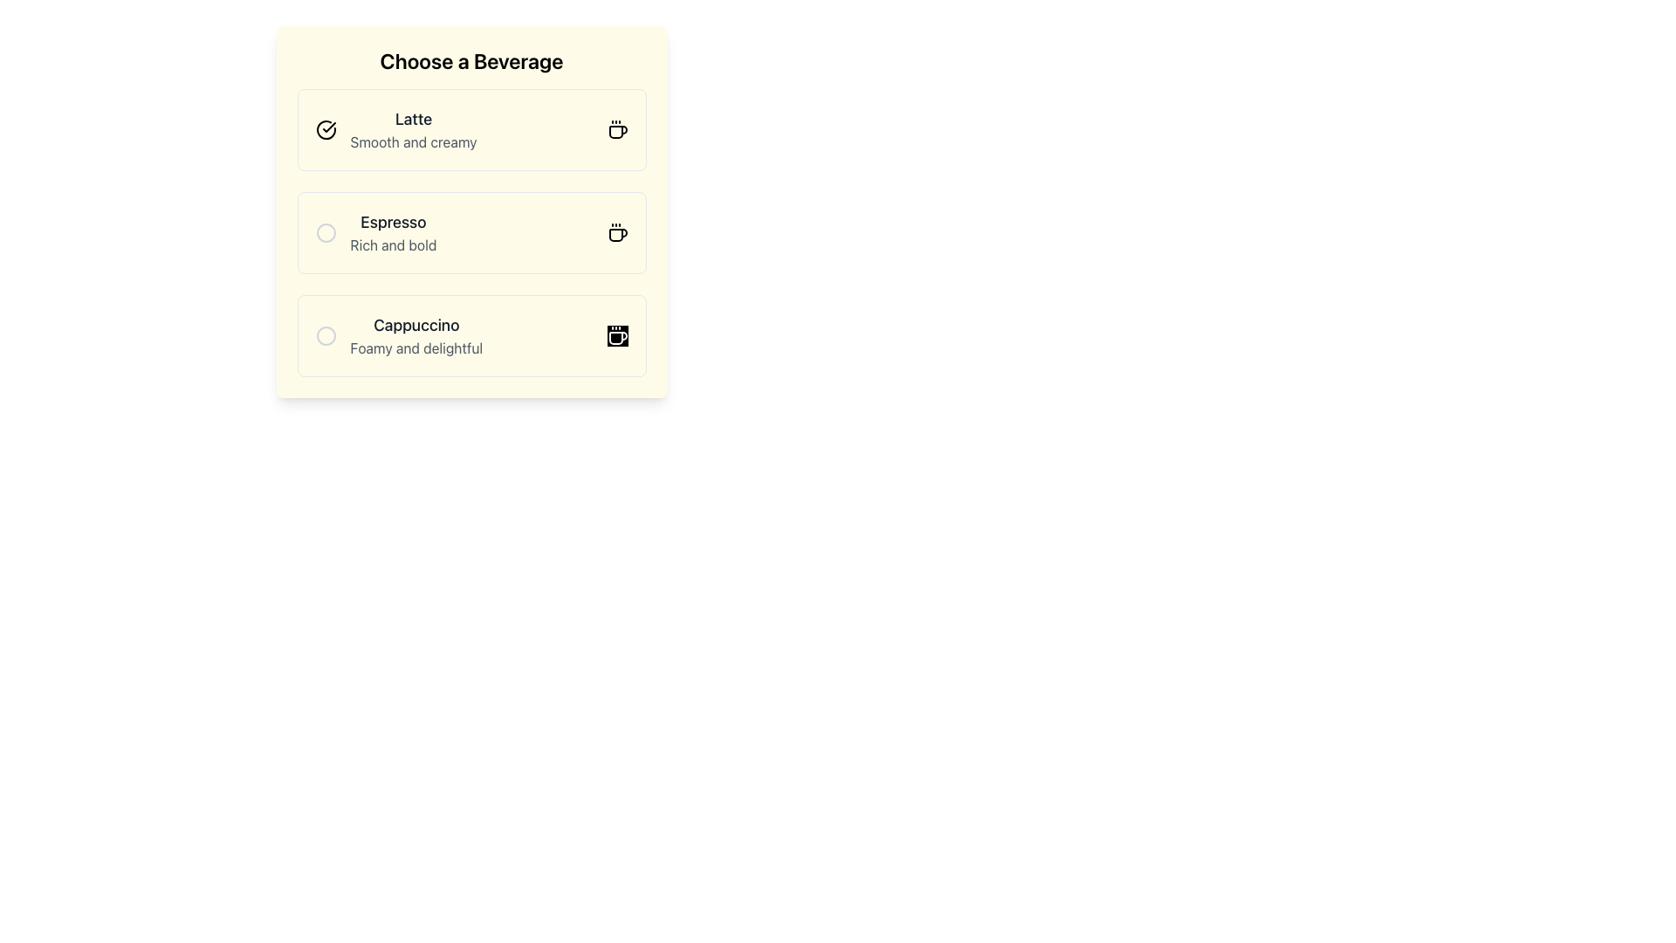 The height and width of the screenshot is (943, 1676). I want to click on the Text Label that describes the beverage 'Espresso', which is located below the 'Latte: Smooth and creamy' option and above 'Cappuccino: Foamy and delightful.', so click(393, 231).